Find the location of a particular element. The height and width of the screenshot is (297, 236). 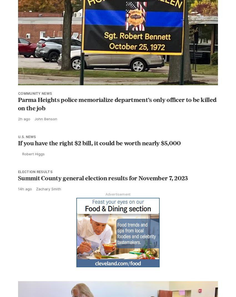

'2h ago' is located at coordinates (24, 119).